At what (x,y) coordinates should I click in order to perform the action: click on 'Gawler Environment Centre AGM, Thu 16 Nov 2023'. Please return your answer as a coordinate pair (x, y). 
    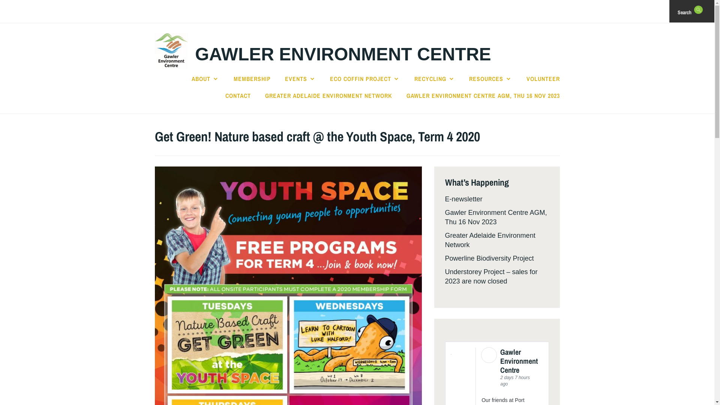
    Looking at the image, I should click on (495, 217).